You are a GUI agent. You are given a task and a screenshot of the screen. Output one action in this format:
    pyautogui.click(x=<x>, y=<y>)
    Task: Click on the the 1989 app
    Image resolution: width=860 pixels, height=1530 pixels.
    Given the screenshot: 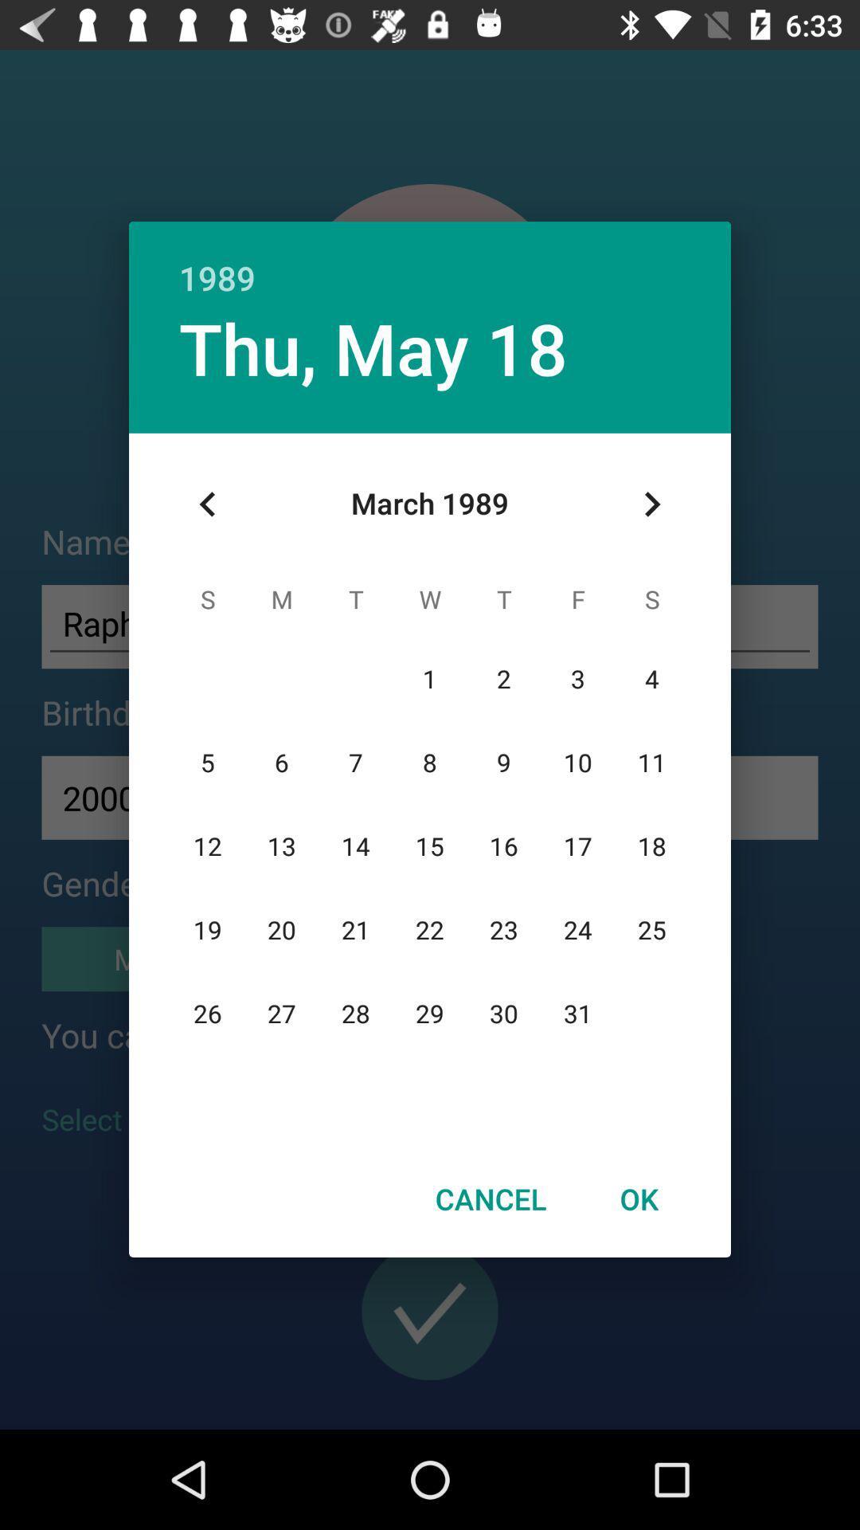 What is the action you would take?
    pyautogui.click(x=430, y=261)
    